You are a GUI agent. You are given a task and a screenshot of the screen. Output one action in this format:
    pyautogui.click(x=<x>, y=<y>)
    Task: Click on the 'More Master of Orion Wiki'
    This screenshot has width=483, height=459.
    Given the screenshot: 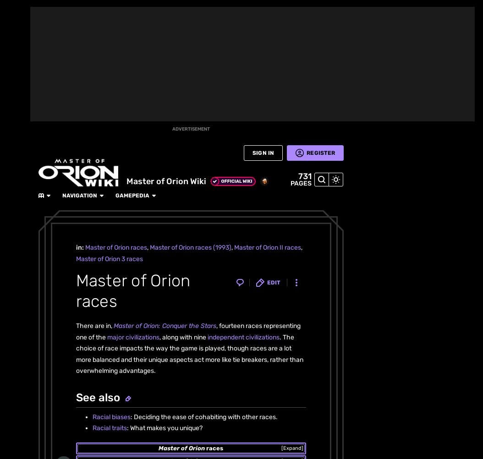 What is the action you would take?
    pyautogui.click(x=95, y=101)
    